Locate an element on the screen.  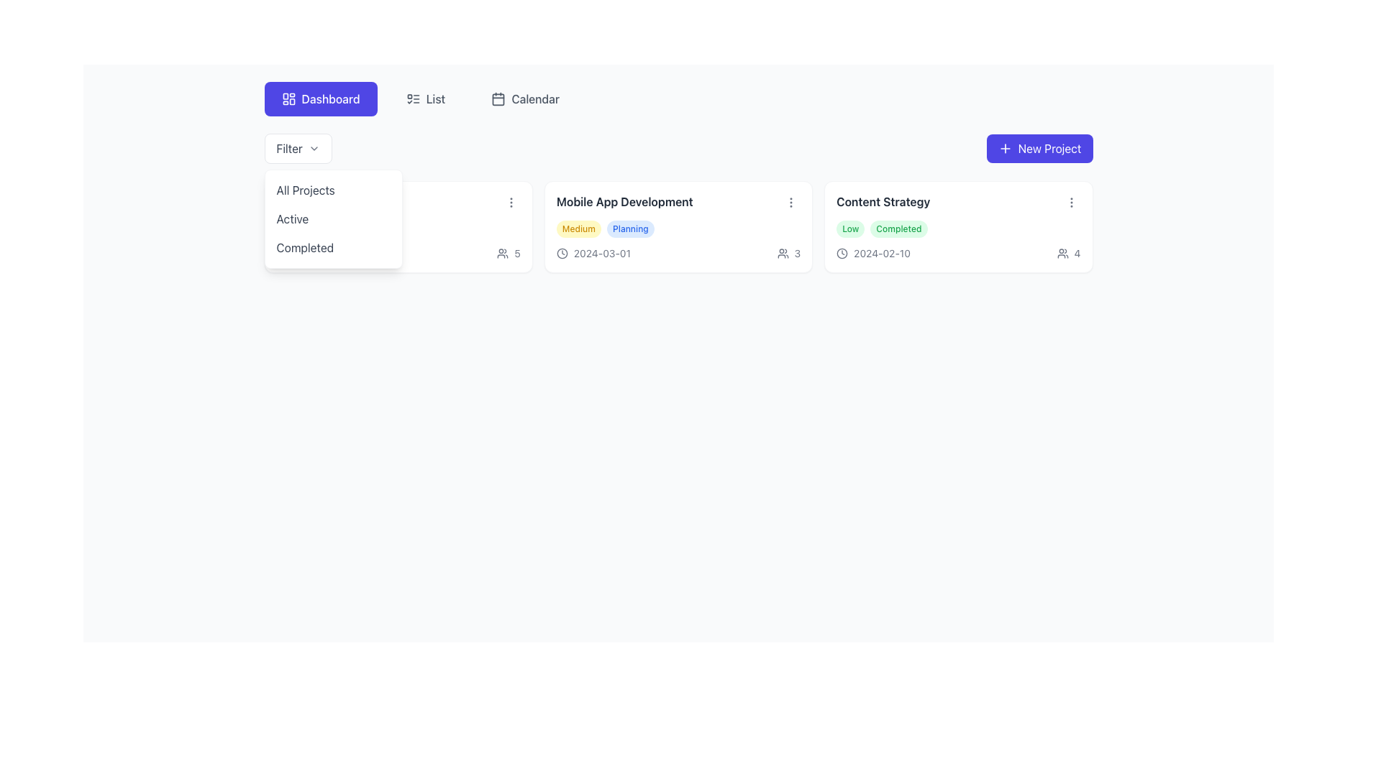
the icon featuring a clock design surrounded by a circle, located within the 'Content Strategy' card, aligned with the date '2024-02-10' is located at coordinates (842, 253).